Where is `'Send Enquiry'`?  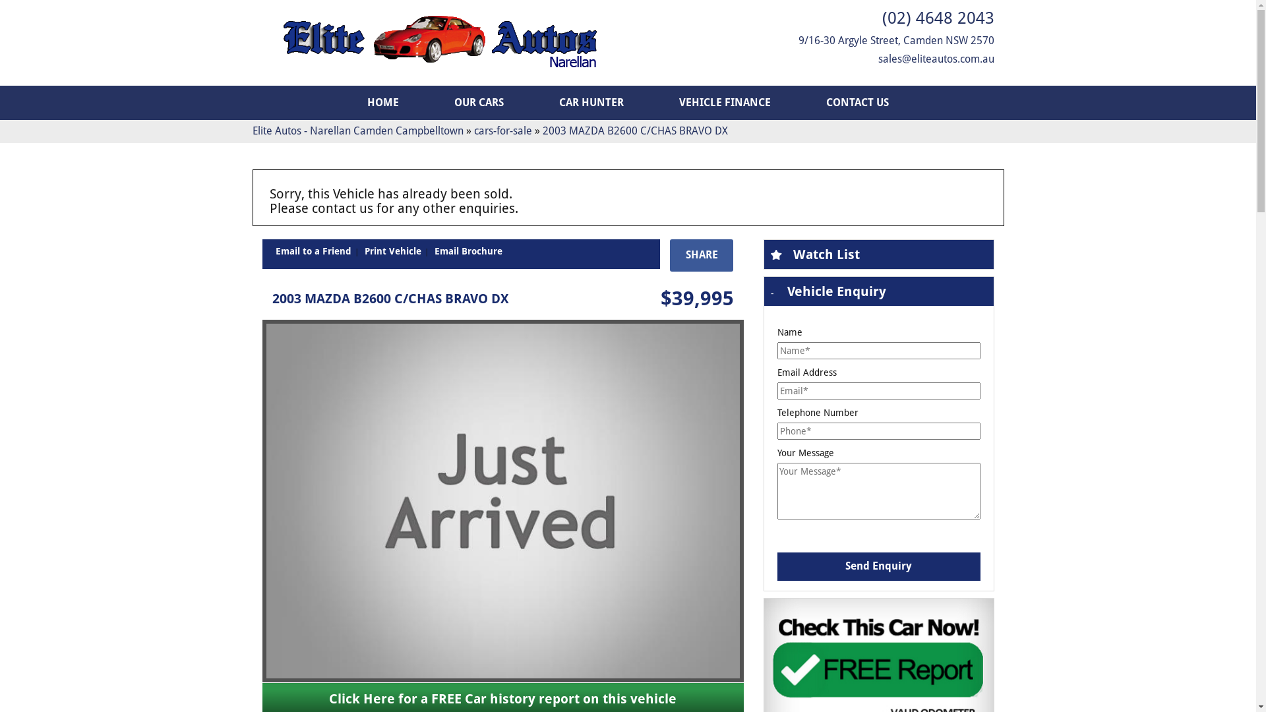
'Send Enquiry' is located at coordinates (776, 566).